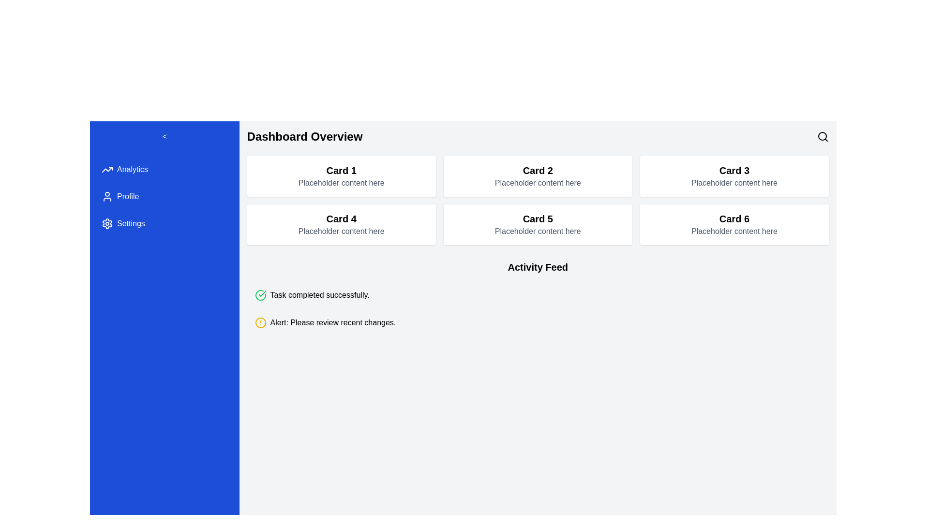 This screenshot has width=929, height=522. I want to click on the text phrase 'Placeholder content here' styled with a gray-colored font located within 'Card 6' in the bottom right of the grid, so click(734, 231).